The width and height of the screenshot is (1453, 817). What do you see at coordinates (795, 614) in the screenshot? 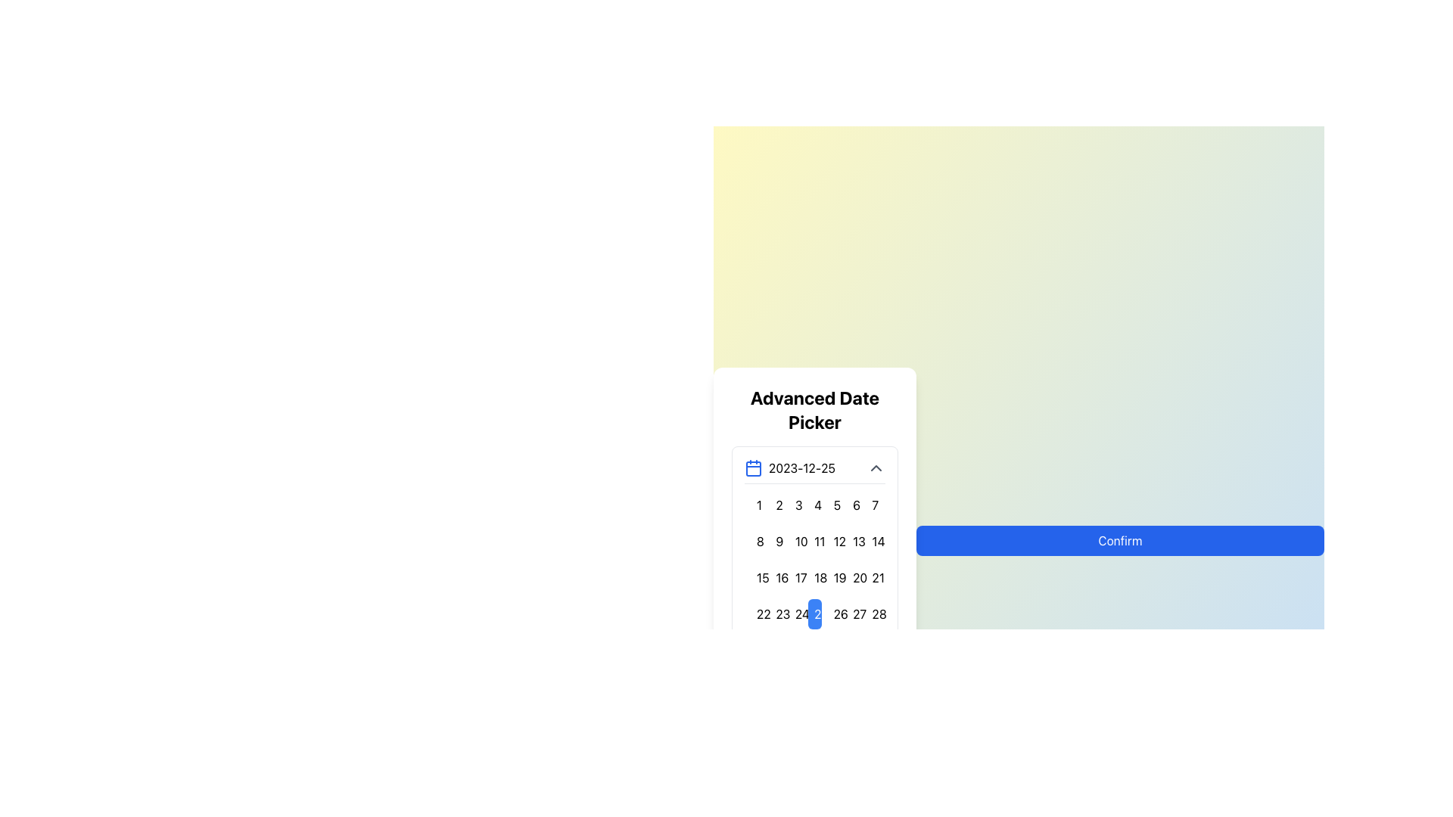
I see `the rounded rectangular button with a white background displaying the number '24' in black text, located in the fourth row and third column of the date picker interface` at bounding box center [795, 614].